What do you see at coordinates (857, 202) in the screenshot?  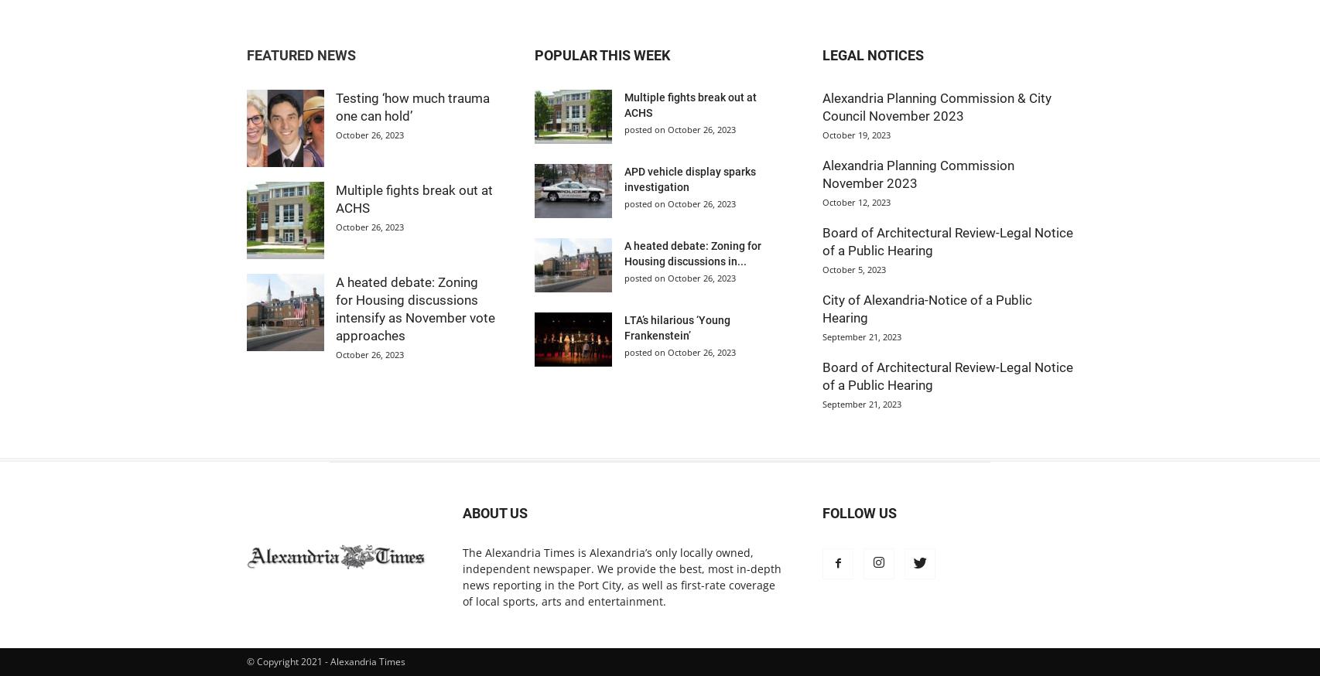 I see `'October 12, 2023'` at bounding box center [857, 202].